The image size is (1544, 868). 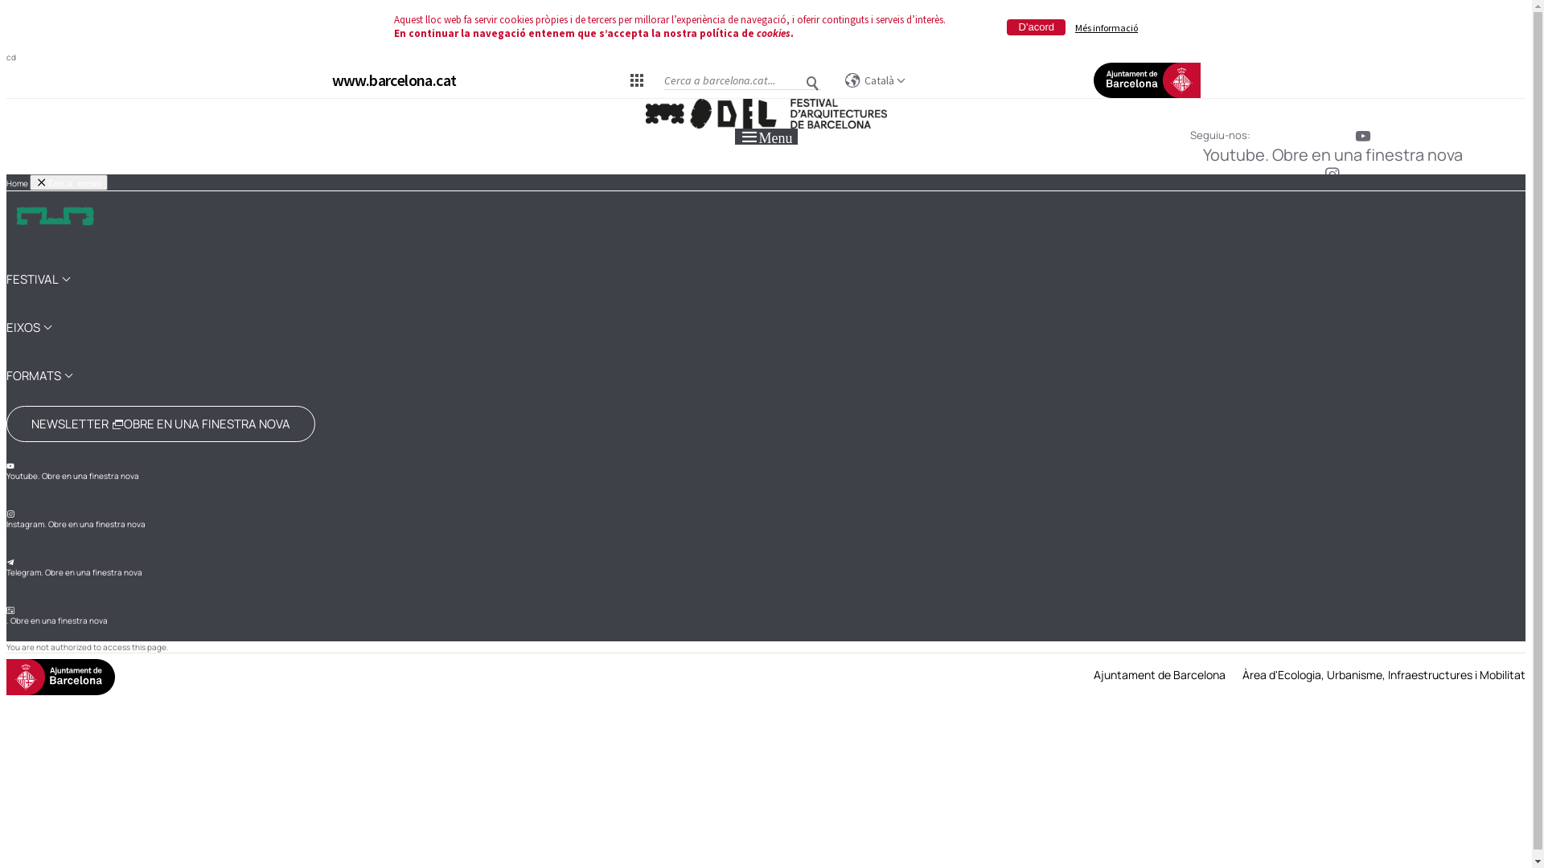 I want to click on 'Youtube. Obre en una finestra nova', so click(x=72, y=470).